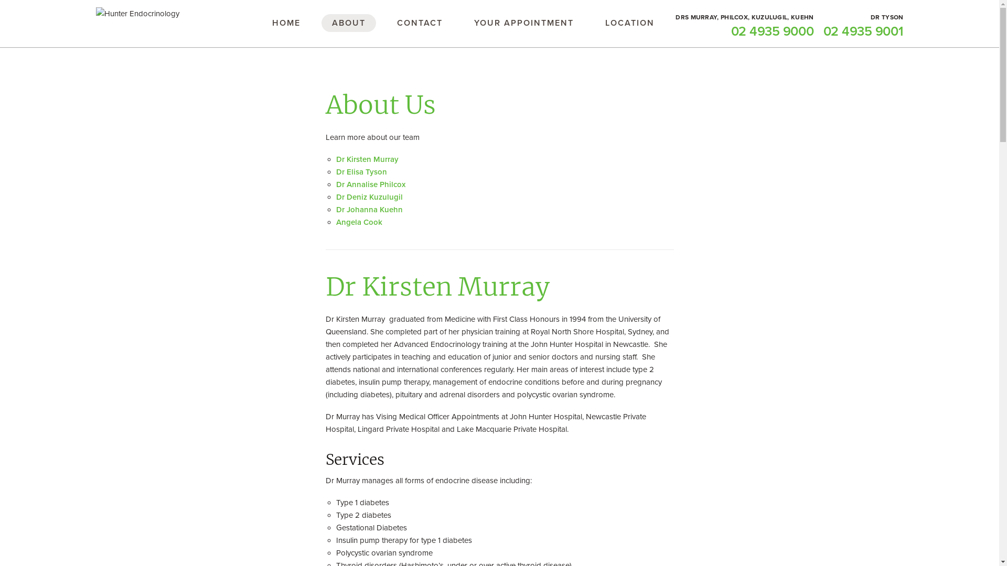  What do you see at coordinates (822, 26) in the screenshot?
I see `'DR TYSON` at bounding box center [822, 26].